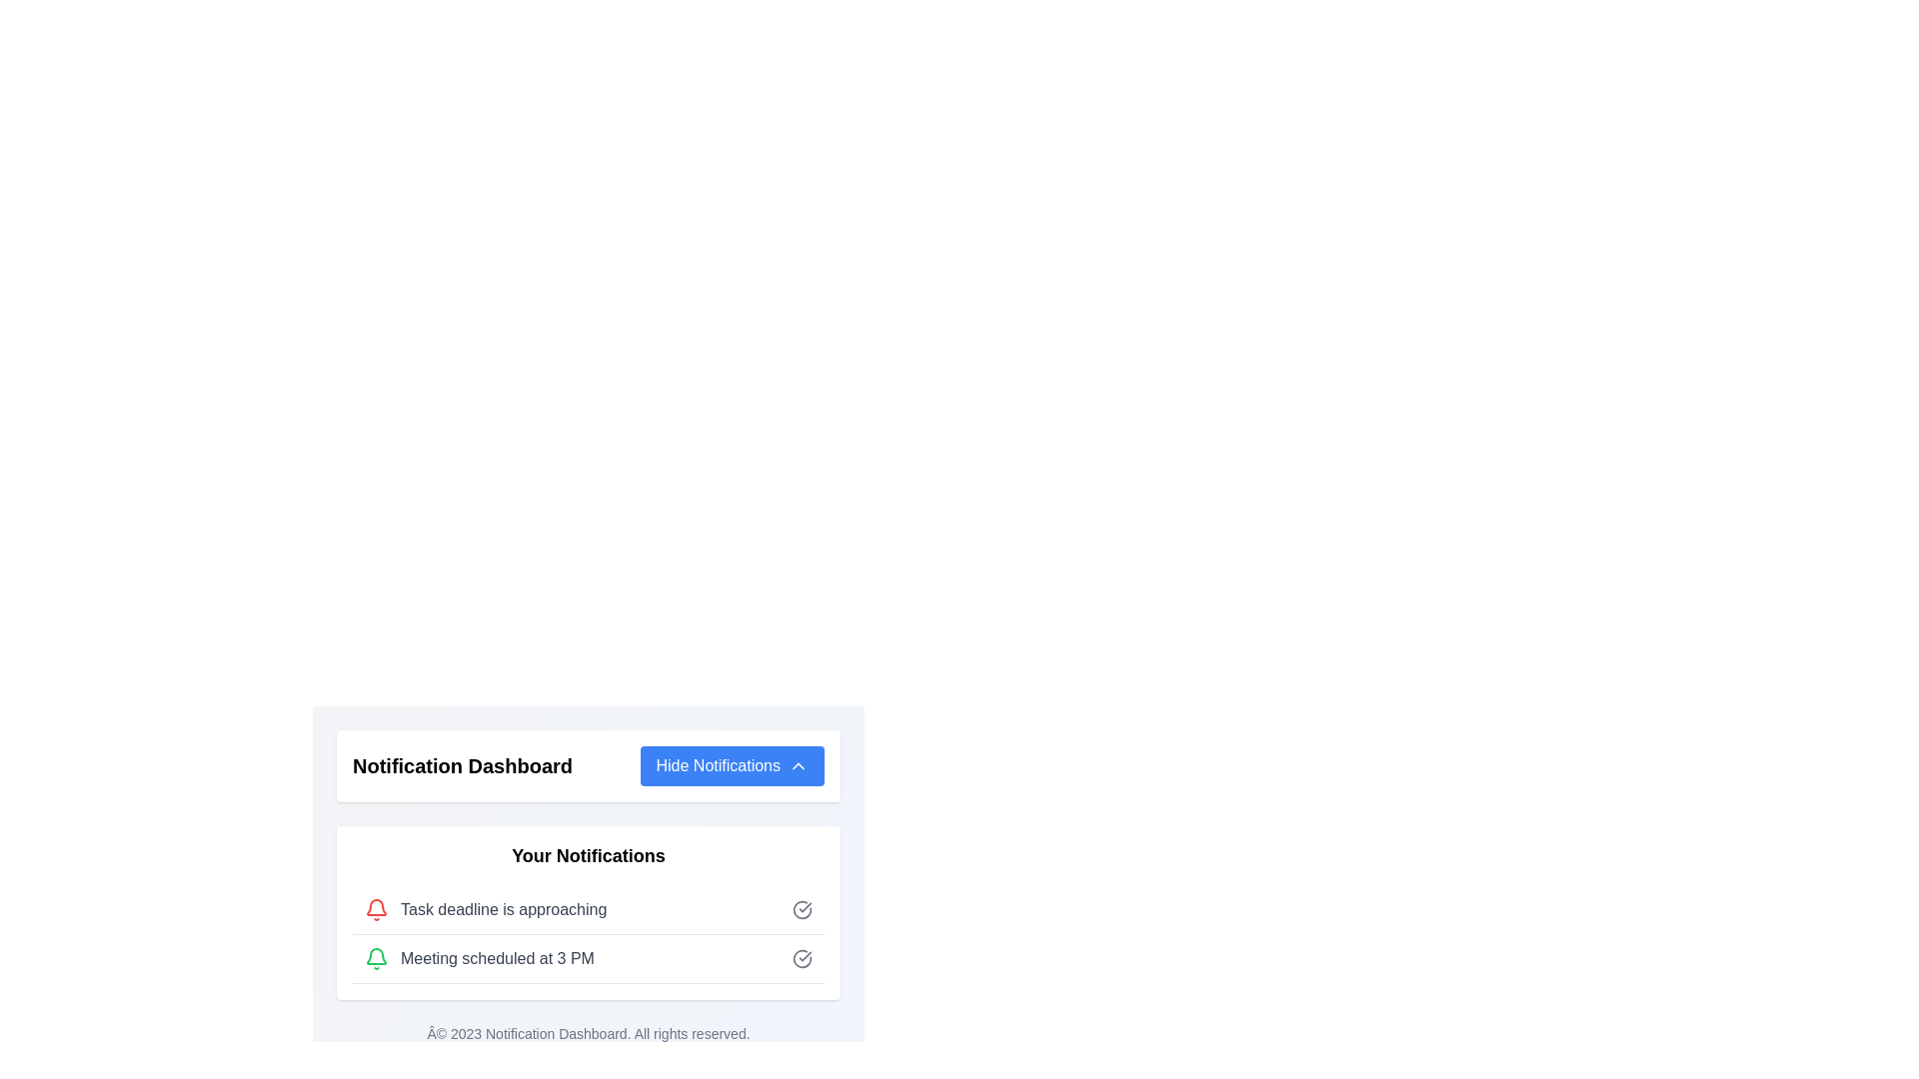 The height and width of the screenshot is (1079, 1919). What do you see at coordinates (731, 765) in the screenshot?
I see `the button located on the right-hand side of the 'Notification Dashboard' header` at bounding box center [731, 765].